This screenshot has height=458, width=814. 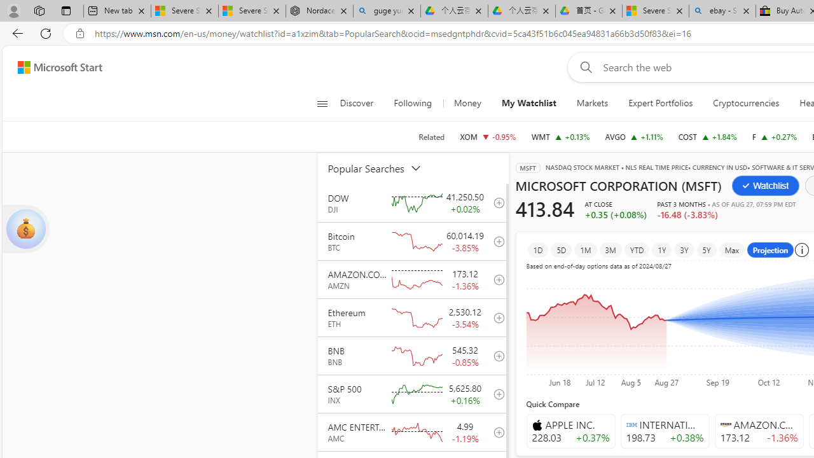 What do you see at coordinates (584, 249) in the screenshot?
I see `'1M'` at bounding box center [584, 249].